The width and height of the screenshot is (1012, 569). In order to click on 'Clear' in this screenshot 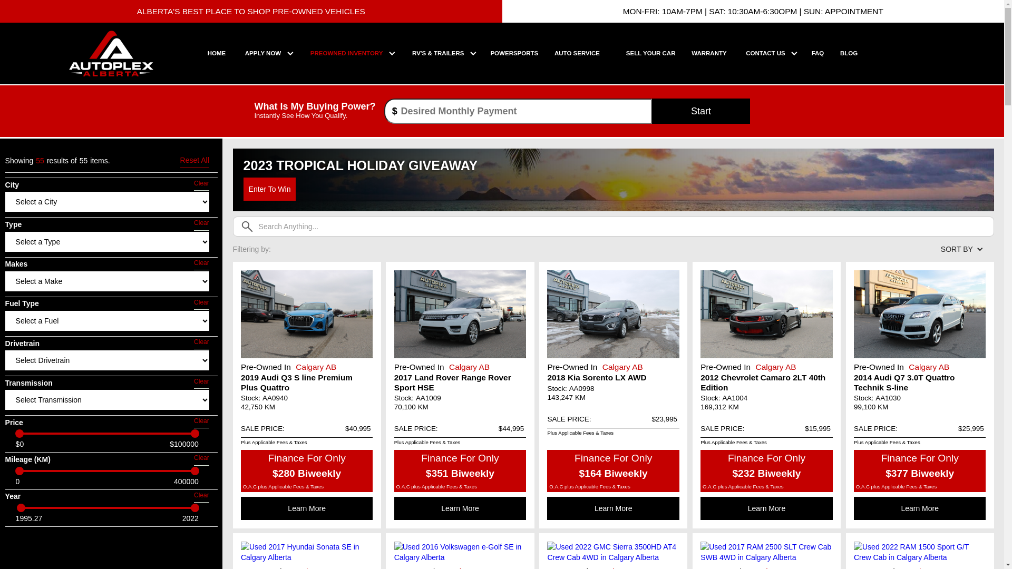, I will do `click(201, 343)`.